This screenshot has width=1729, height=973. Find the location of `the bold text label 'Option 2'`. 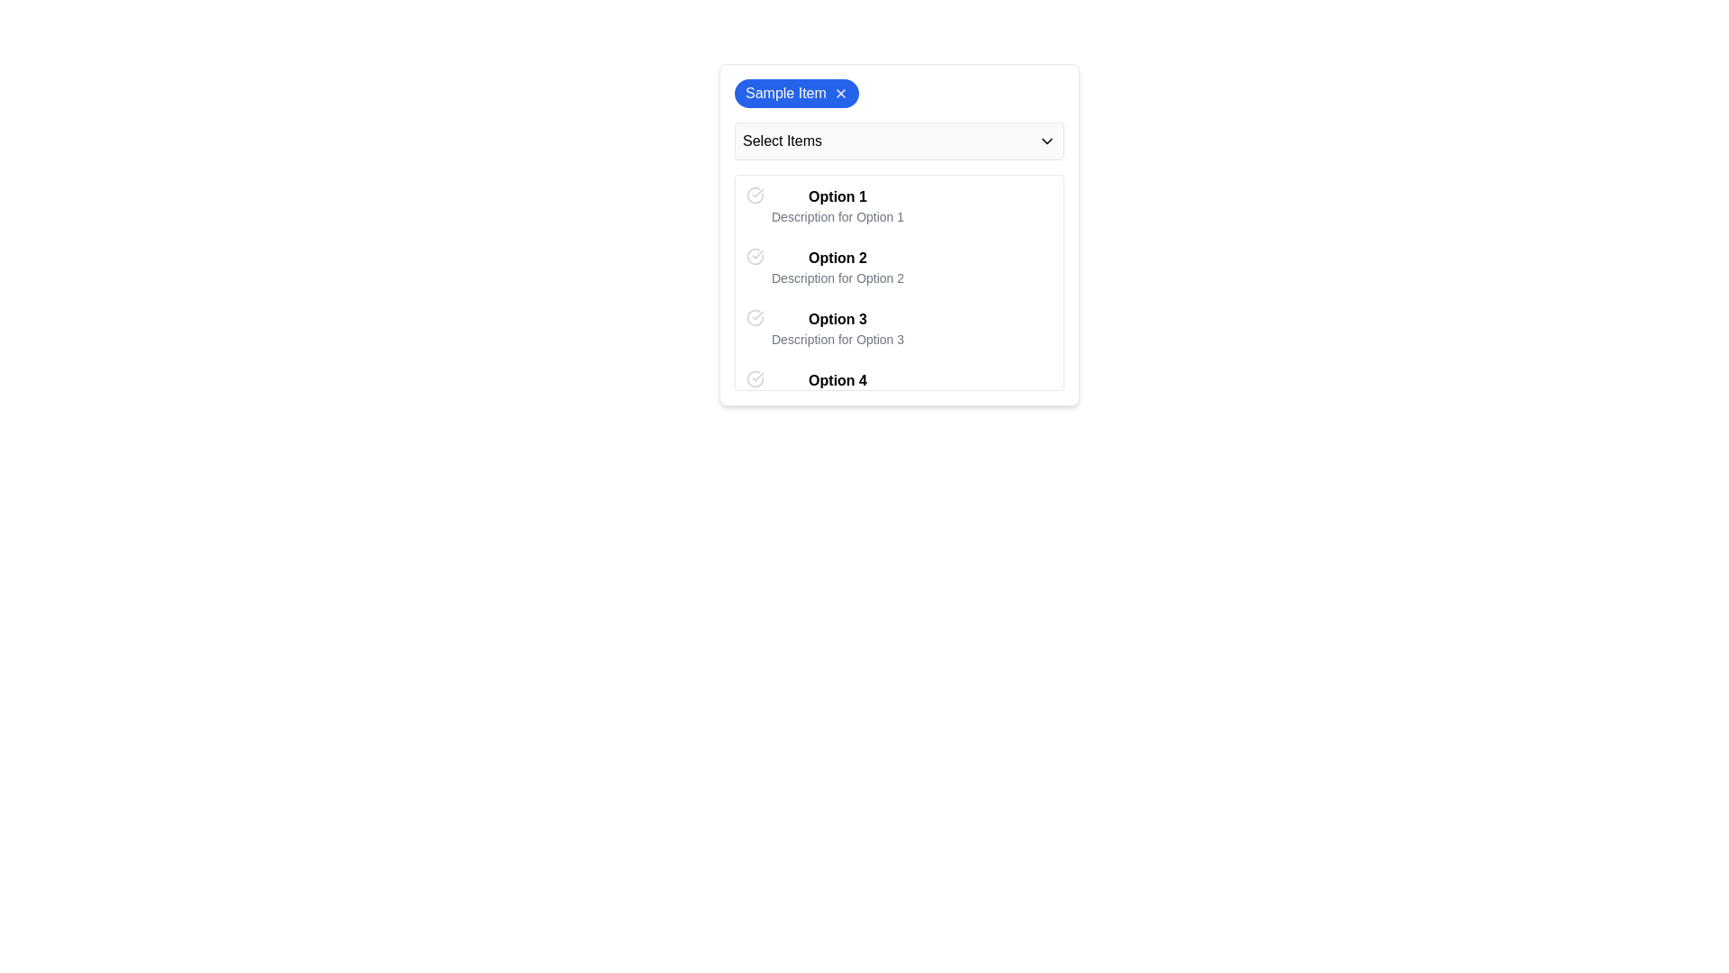

the bold text label 'Option 2' is located at coordinates (837, 258).